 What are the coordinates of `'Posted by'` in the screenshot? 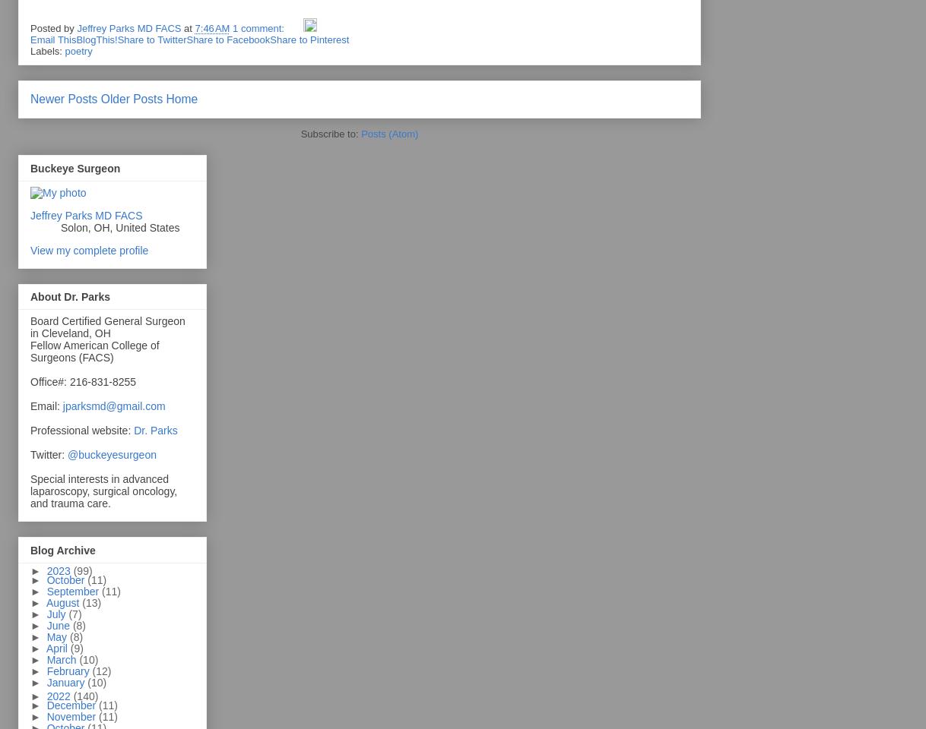 It's located at (30, 27).